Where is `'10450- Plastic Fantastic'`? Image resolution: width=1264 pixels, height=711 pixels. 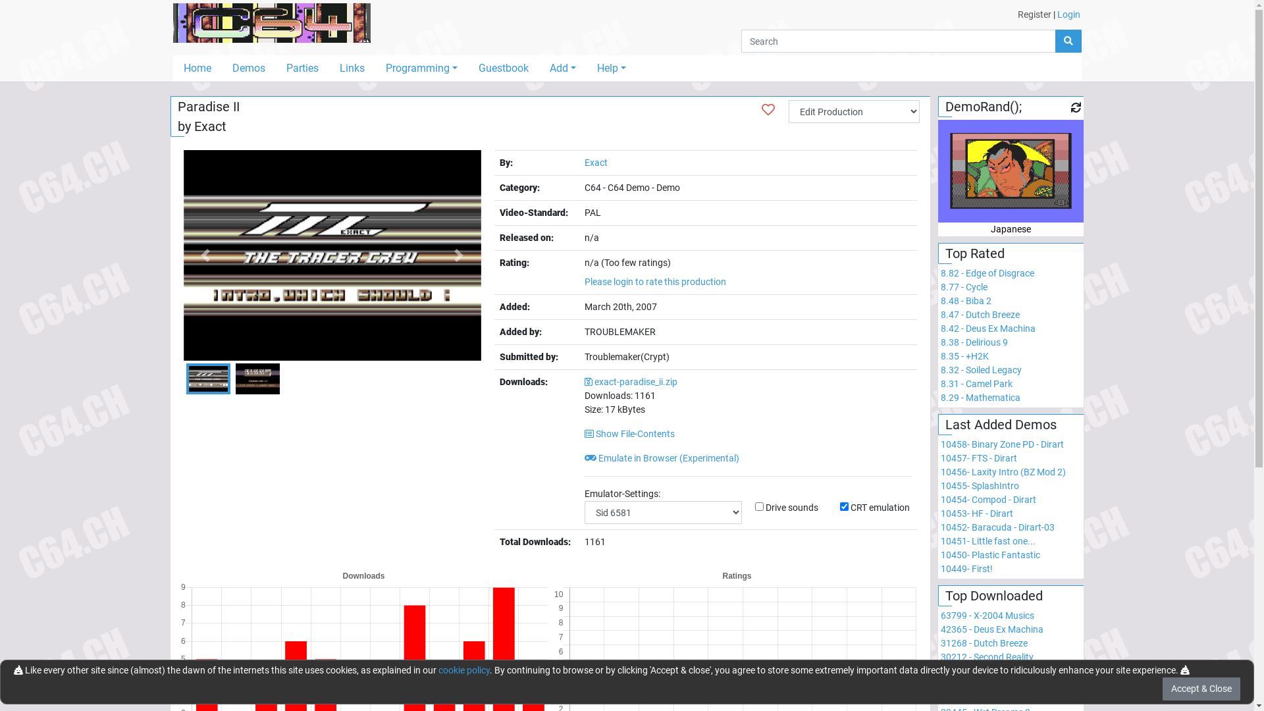
'10450- Plastic Fantastic' is located at coordinates (990, 555).